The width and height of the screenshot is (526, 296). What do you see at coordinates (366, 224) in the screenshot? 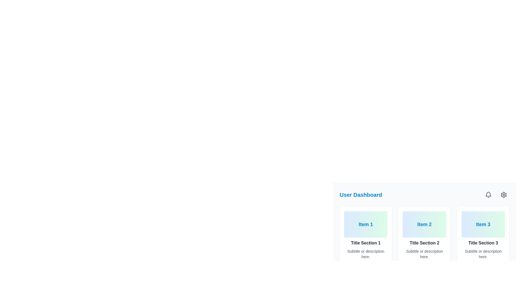
I see `the text label with a stylized background that serves as the title for the first card in a series of three cards` at bounding box center [366, 224].